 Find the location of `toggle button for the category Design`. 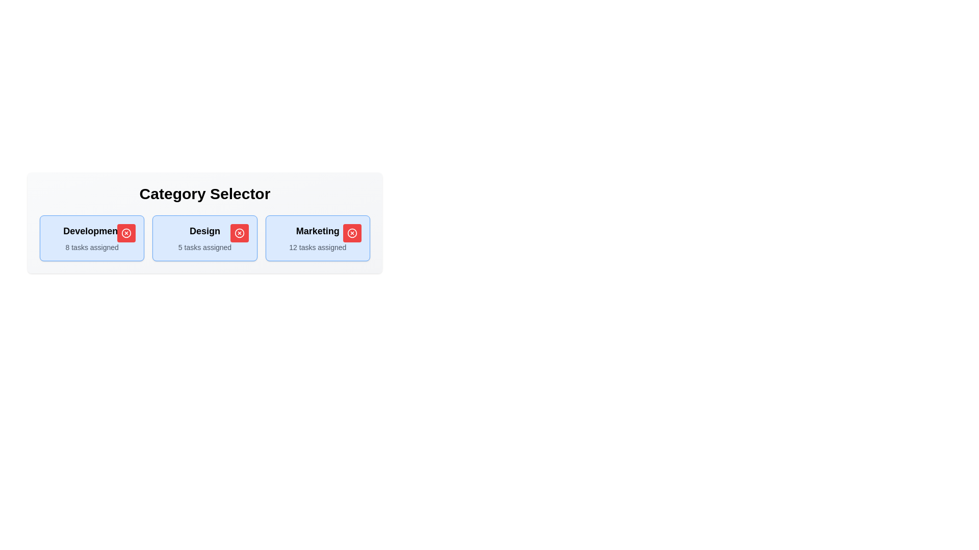

toggle button for the category Design is located at coordinates (239, 233).